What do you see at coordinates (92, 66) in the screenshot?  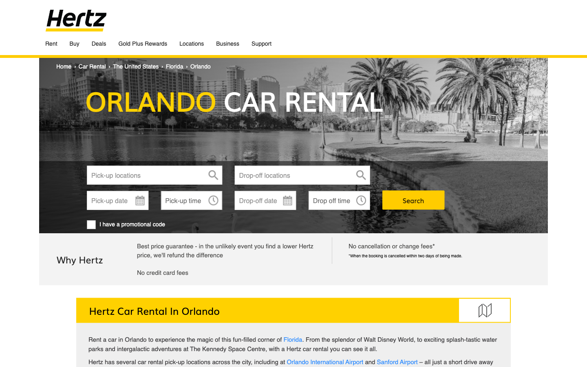 I see `Go to the car rental feature` at bounding box center [92, 66].